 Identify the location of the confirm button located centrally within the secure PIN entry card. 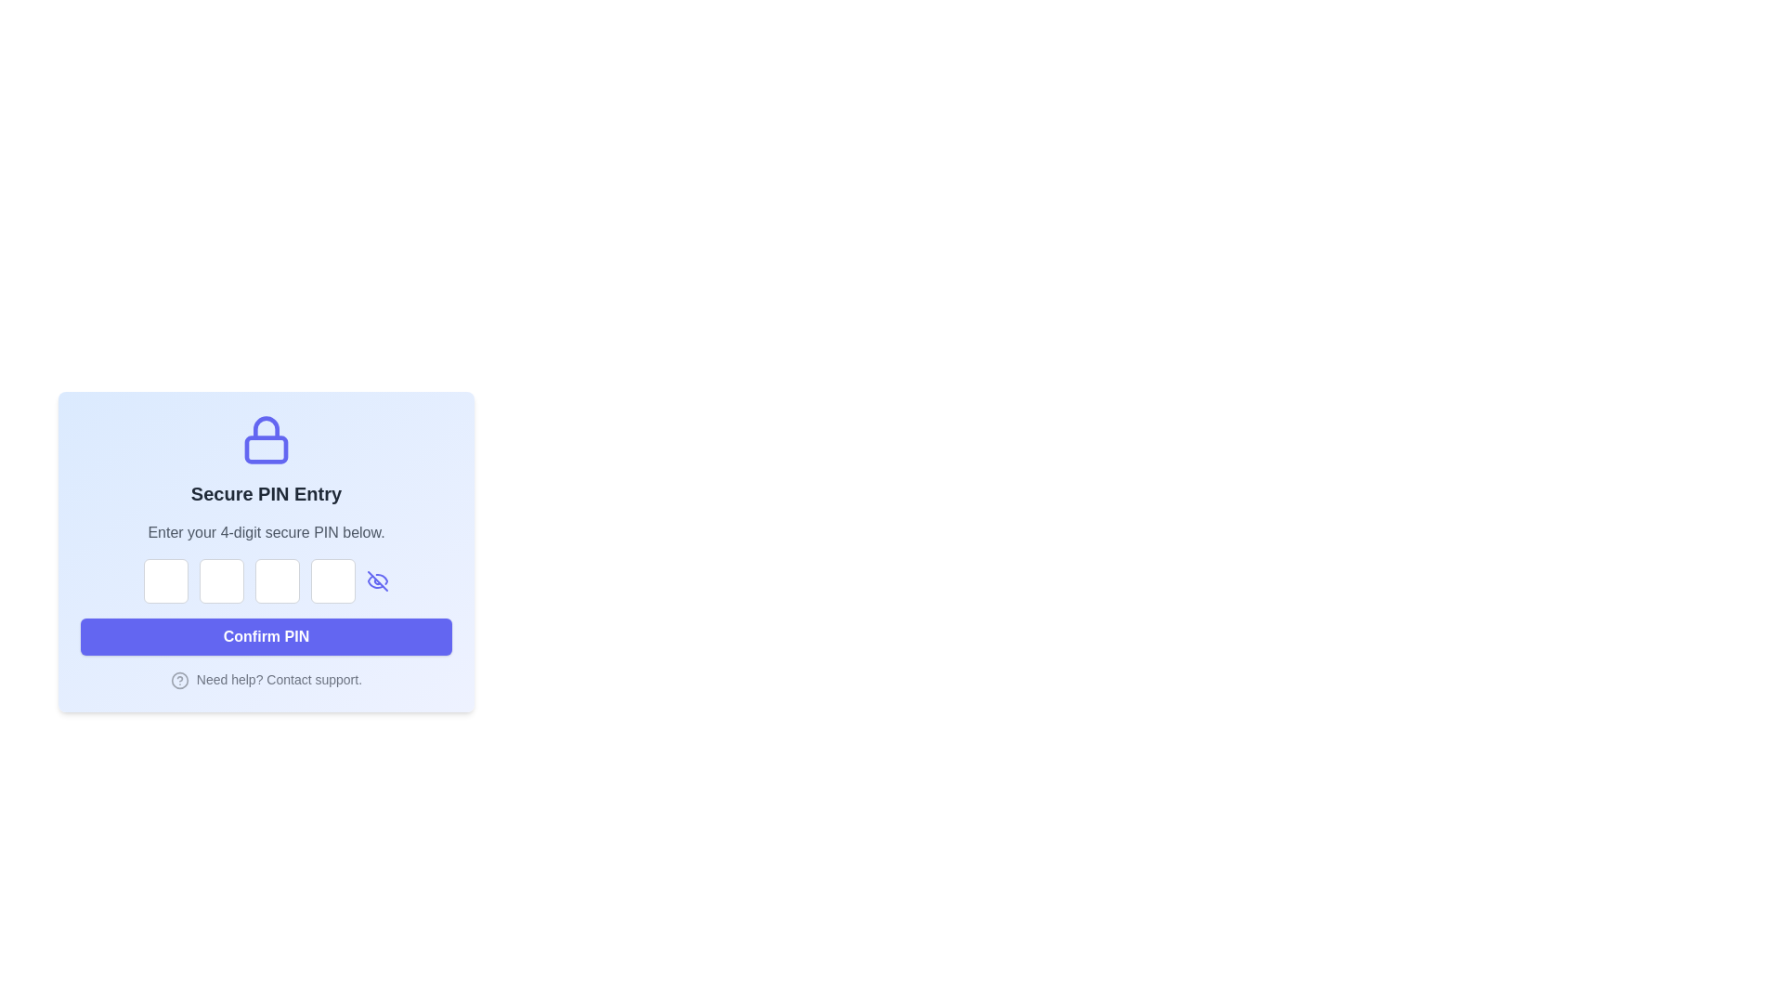
(266, 636).